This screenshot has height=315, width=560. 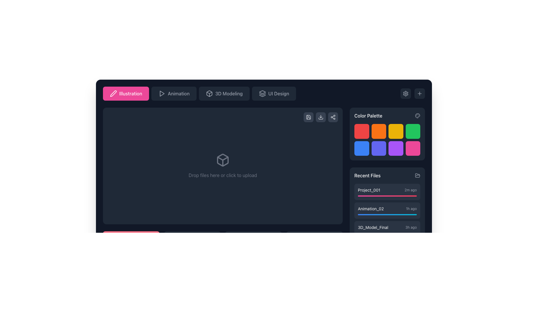 I want to click on the text label displaying '1h ago', which is styled in light gray and aligned to the right of the dark background interface, indicating a timestamp for the file entry 'Animation_02', so click(x=411, y=209).